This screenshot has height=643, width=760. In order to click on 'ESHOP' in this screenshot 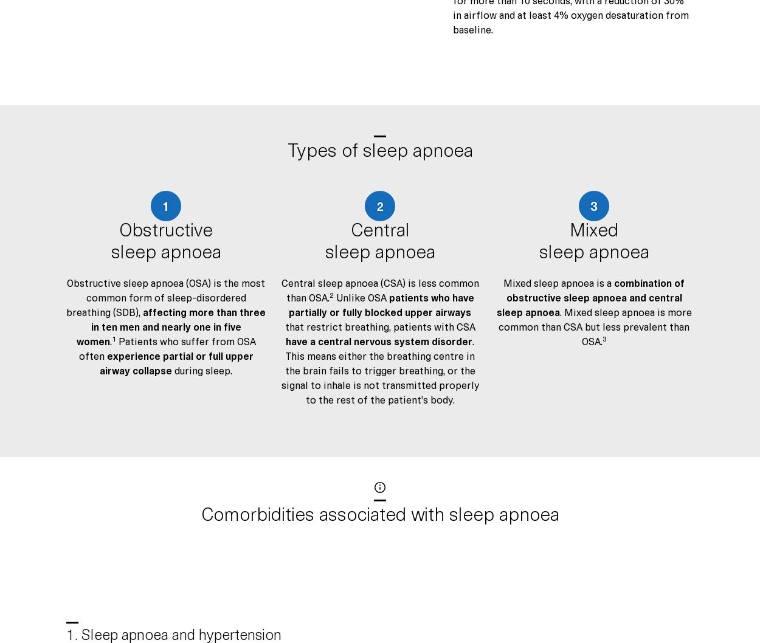, I will do `click(393, 526)`.